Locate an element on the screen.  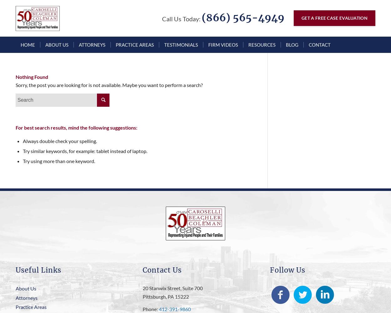
'Bethel Park Truck Accidents' is located at coordinates (268, 107).